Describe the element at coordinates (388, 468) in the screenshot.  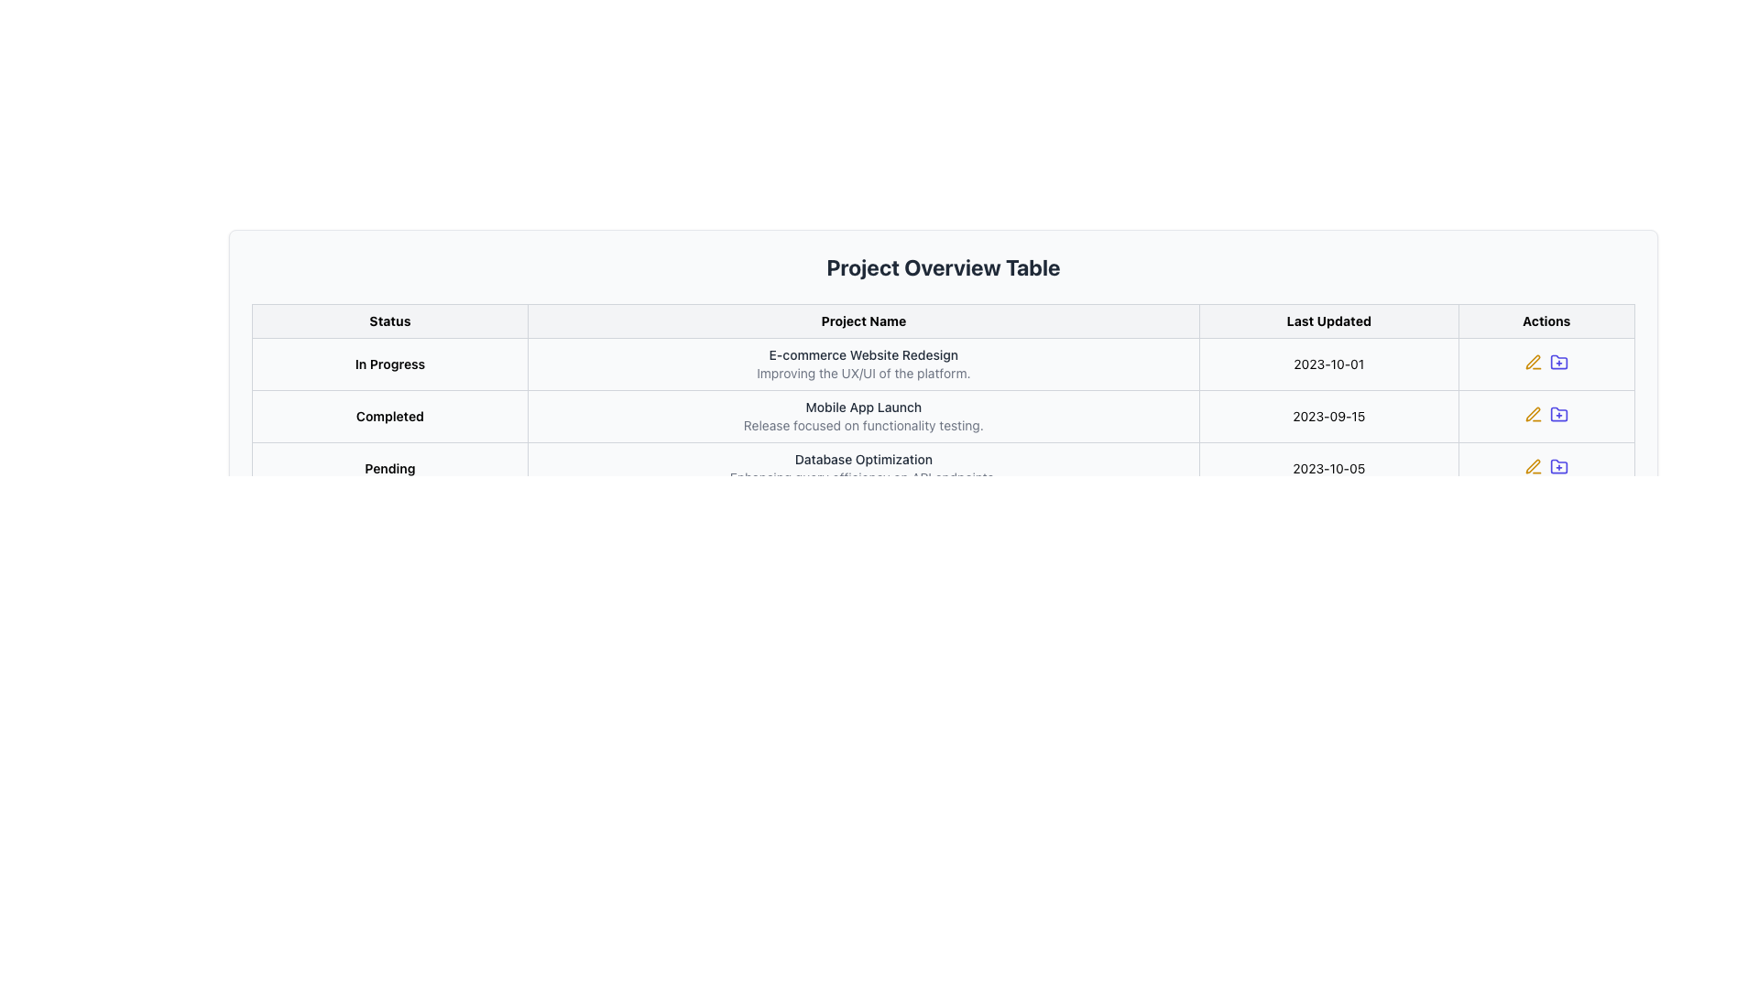
I see `the stylized label with the text 'Pending' that has a light yellow background and is located in the 'Status' column of the 'Database Optimization' project row` at that location.